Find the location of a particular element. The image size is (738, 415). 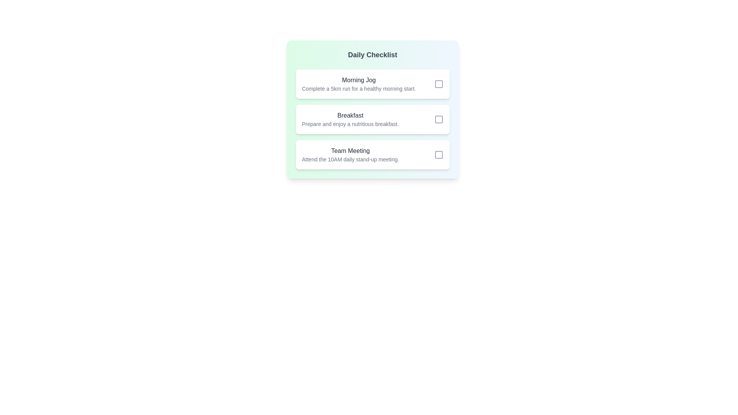

the task titled Team Meeting to view its description is located at coordinates (350, 151).